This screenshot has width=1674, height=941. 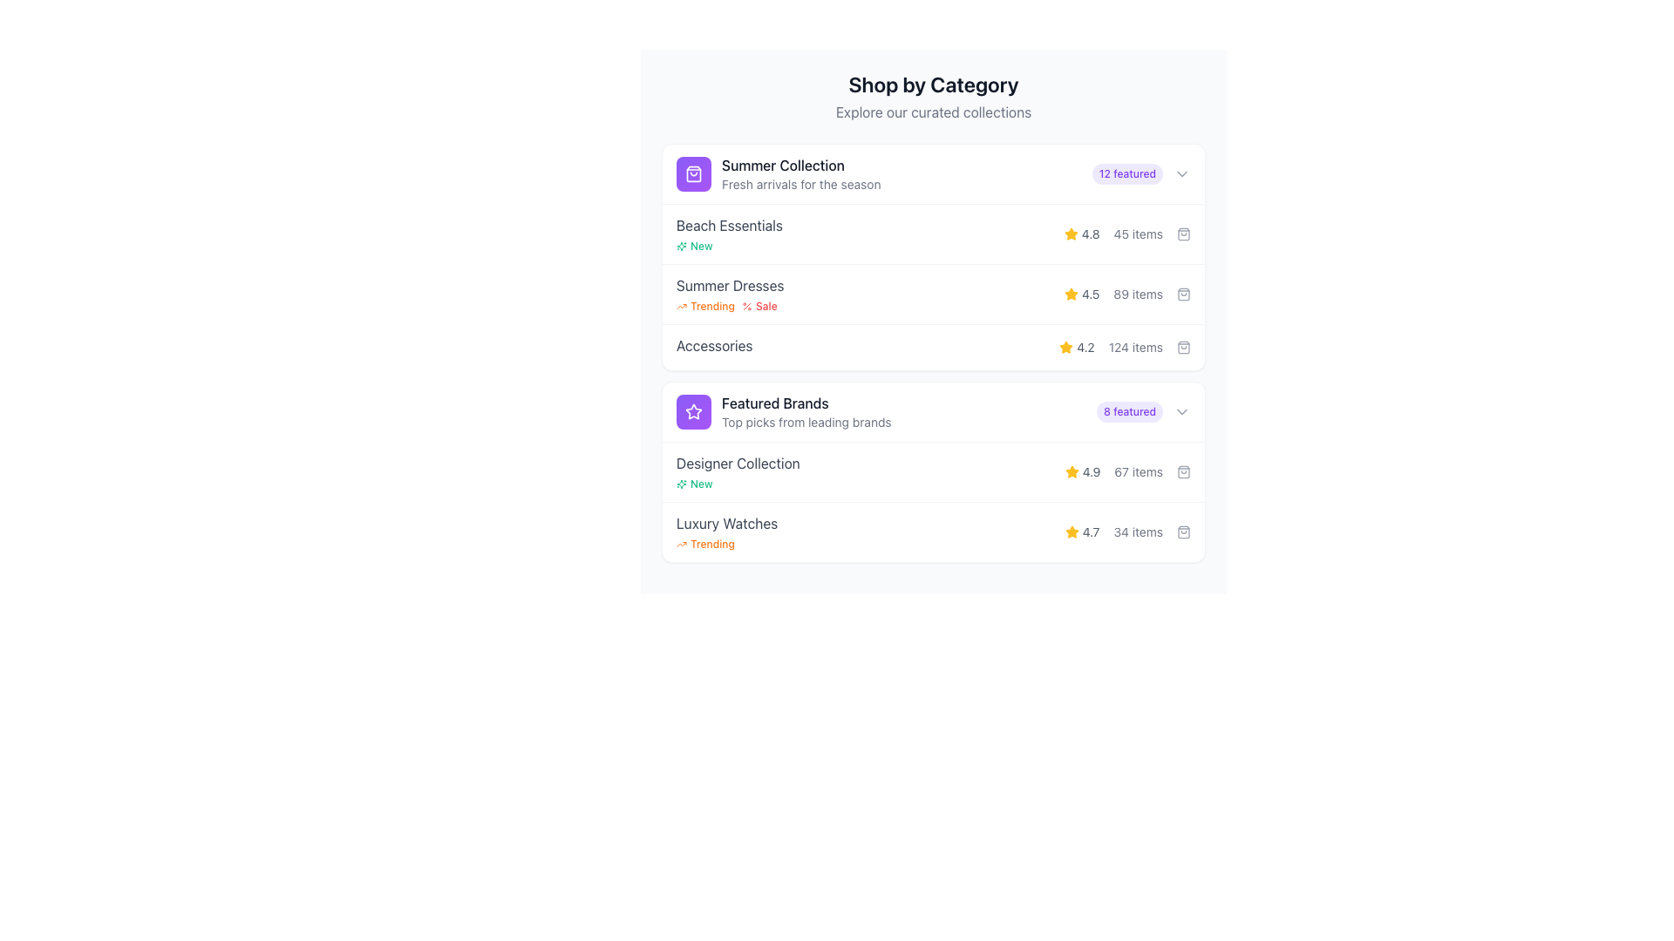 I want to click on the small textual component displaying the numeric value '4.7', which is located in the second row of the 'Luxury Watches' section, adjacent to a star icon, so click(x=1090, y=531).